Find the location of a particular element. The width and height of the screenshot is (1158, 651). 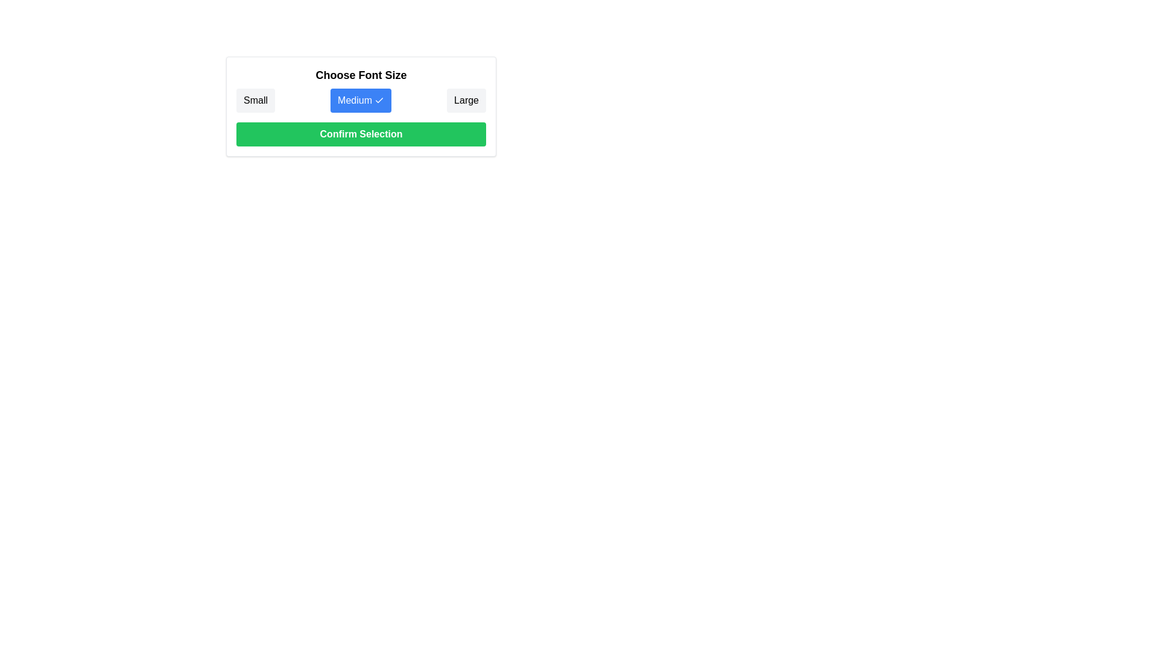

the 'Small' button, which is a rectangular button with rounded corners and contains the text 'Small' aligned to the left-middle is located at coordinates (255, 99).